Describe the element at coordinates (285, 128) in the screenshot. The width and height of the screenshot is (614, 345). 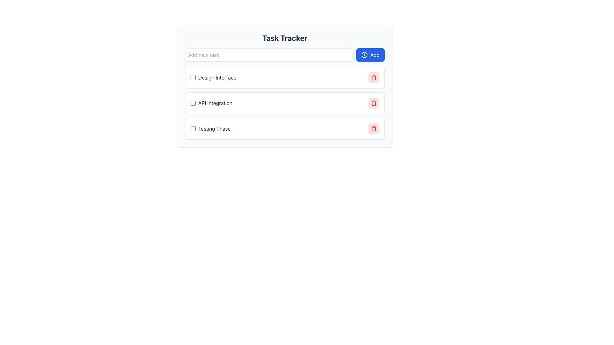
I see `the checkbox located next to the 'Testing Phase' task item to mark it as complete` at that location.